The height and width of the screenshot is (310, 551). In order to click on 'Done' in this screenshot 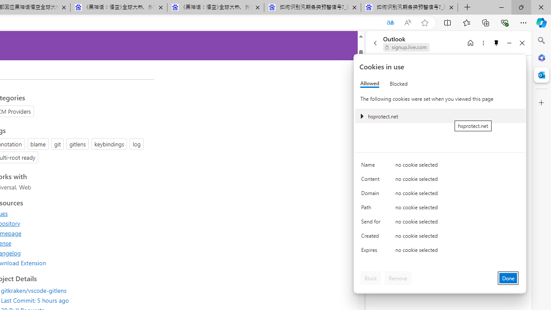, I will do `click(508, 278)`.